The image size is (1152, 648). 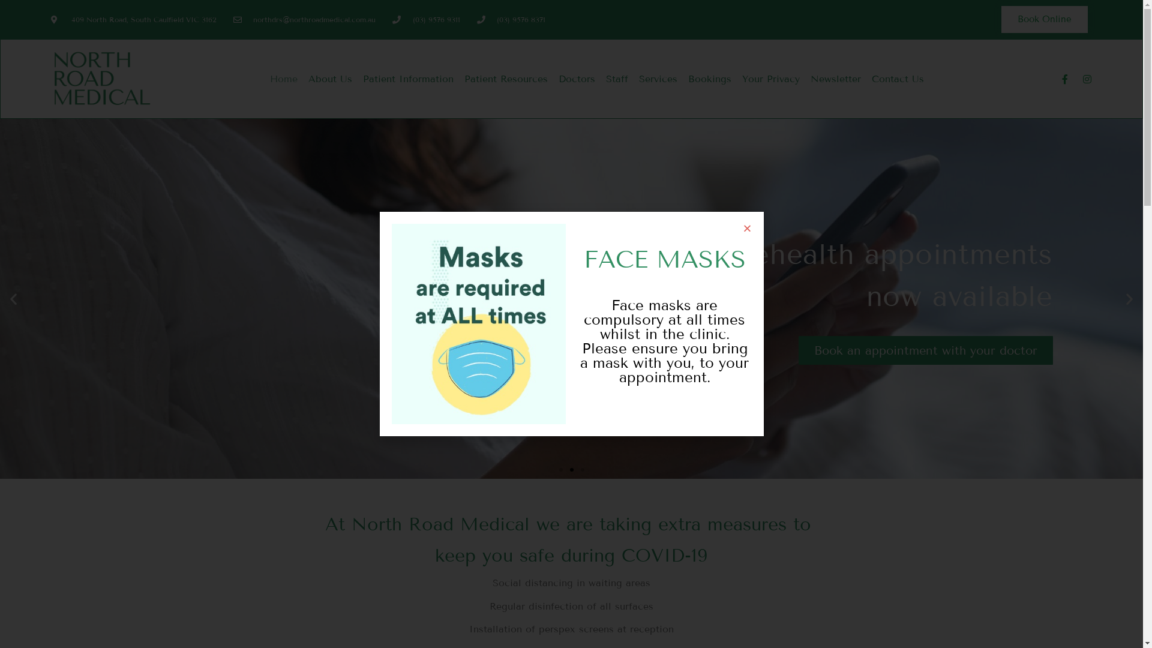 I want to click on '(03) 9576 8371', so click(x=511, y=20).